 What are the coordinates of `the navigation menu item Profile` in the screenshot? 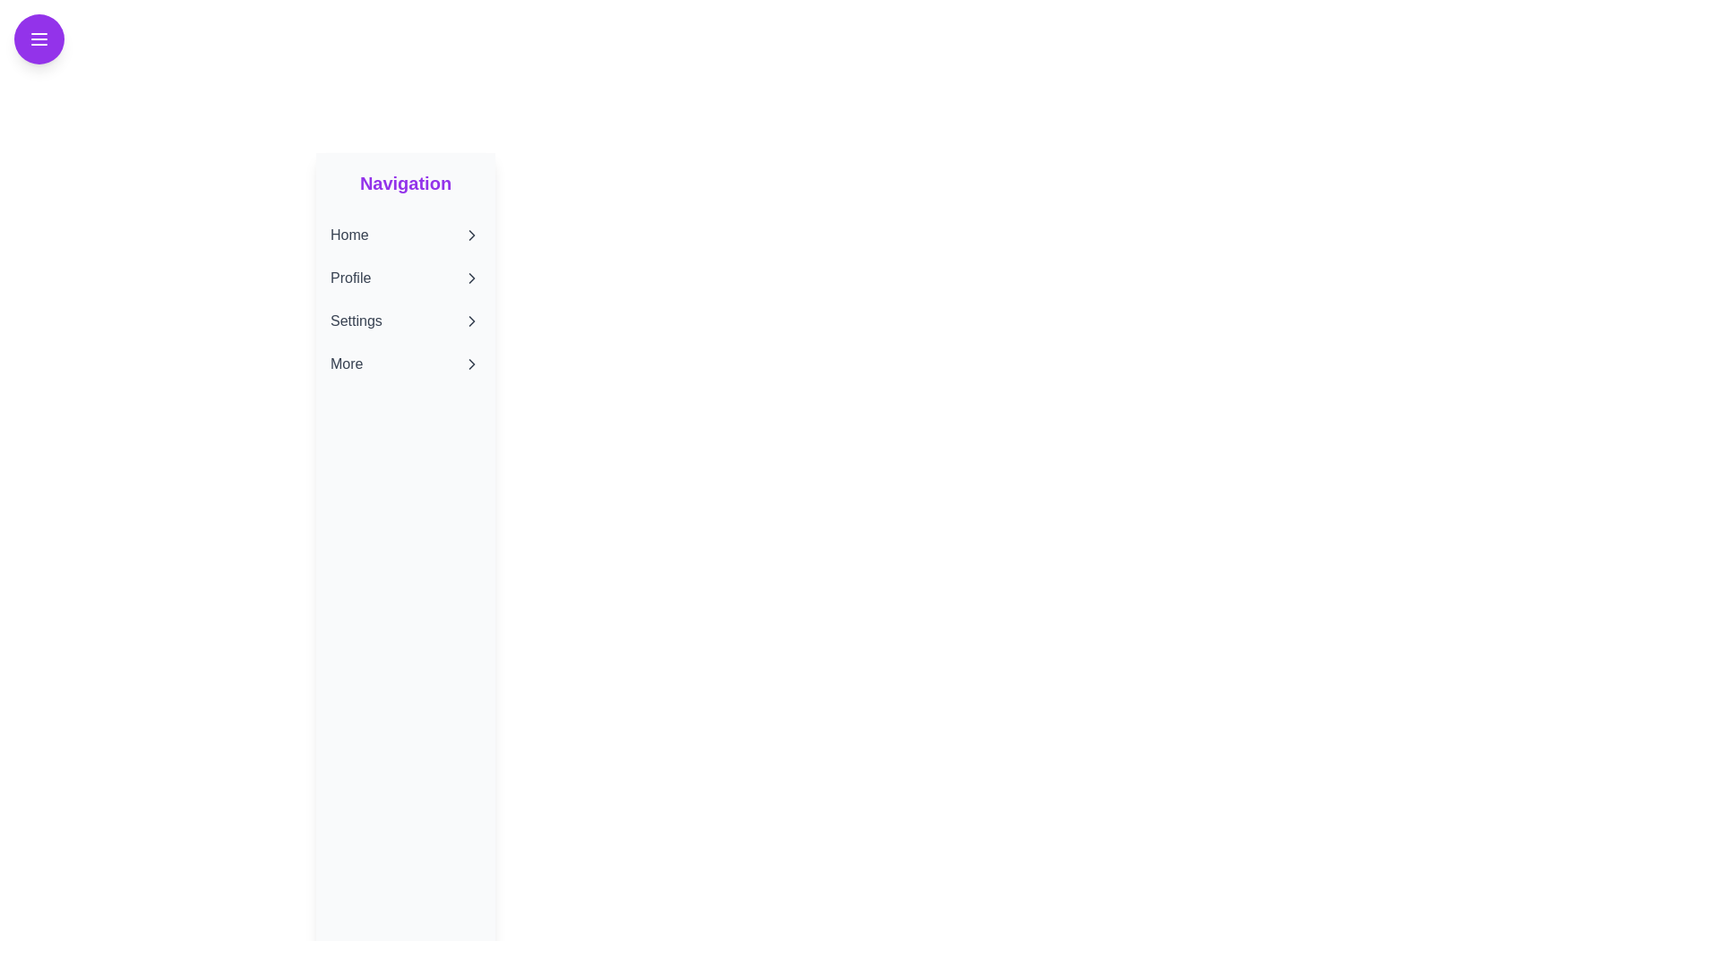 It's located at (404, 278).